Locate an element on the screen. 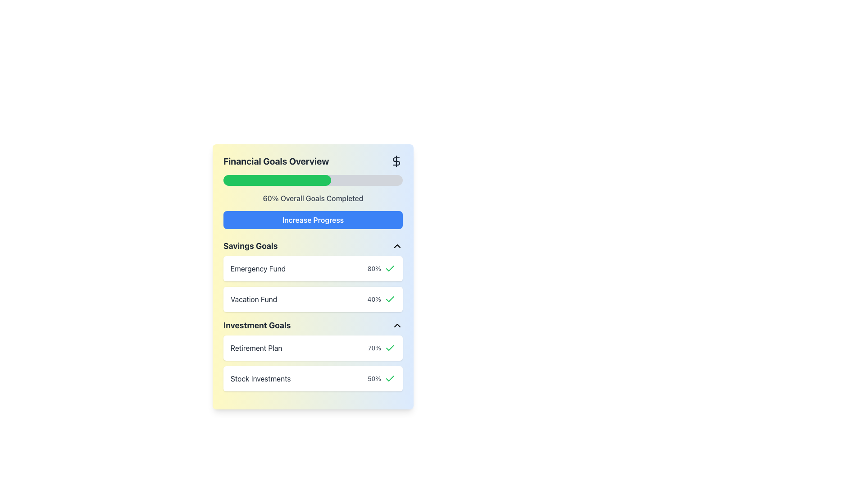 Image resolution: width=865 pixels, height=487 pixels. the green checkmark icon located to the right of the '50%' text label in the 'Investment Goals' section, indicating success or completion is located at coordinates (390, 379).